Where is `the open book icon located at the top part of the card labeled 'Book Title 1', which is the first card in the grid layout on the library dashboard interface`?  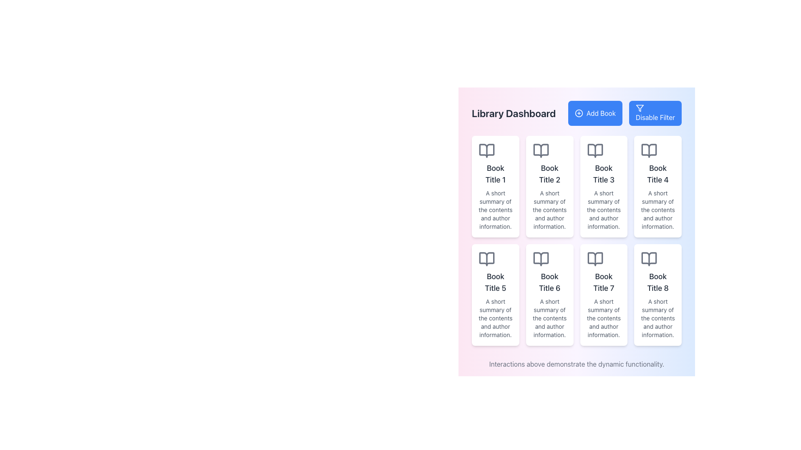 the open book icon located at the top part of the card labeled 'Book Title 1', which is the first card in the grid layout on the library dashboard interface is located at coordinates (486, 151).